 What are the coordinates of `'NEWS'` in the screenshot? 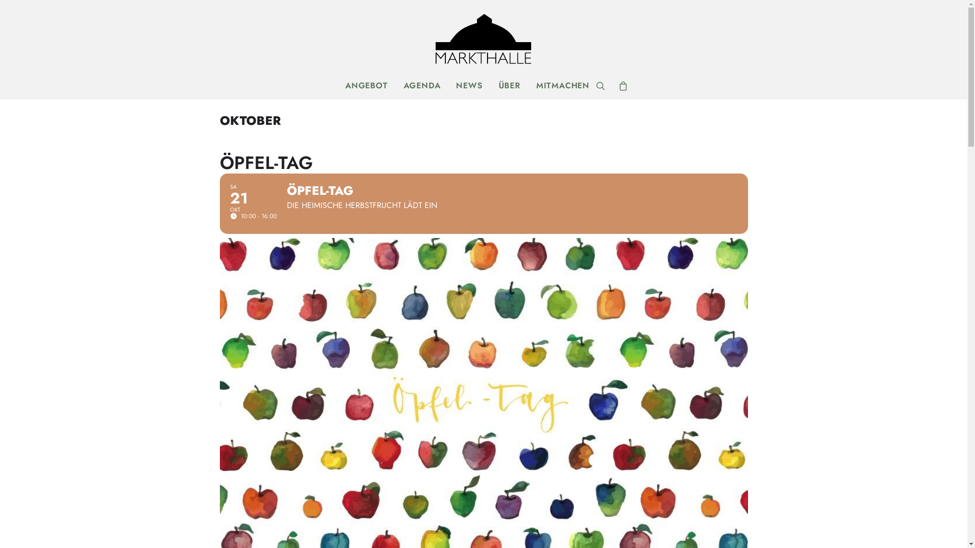 It's located at (469, 85).